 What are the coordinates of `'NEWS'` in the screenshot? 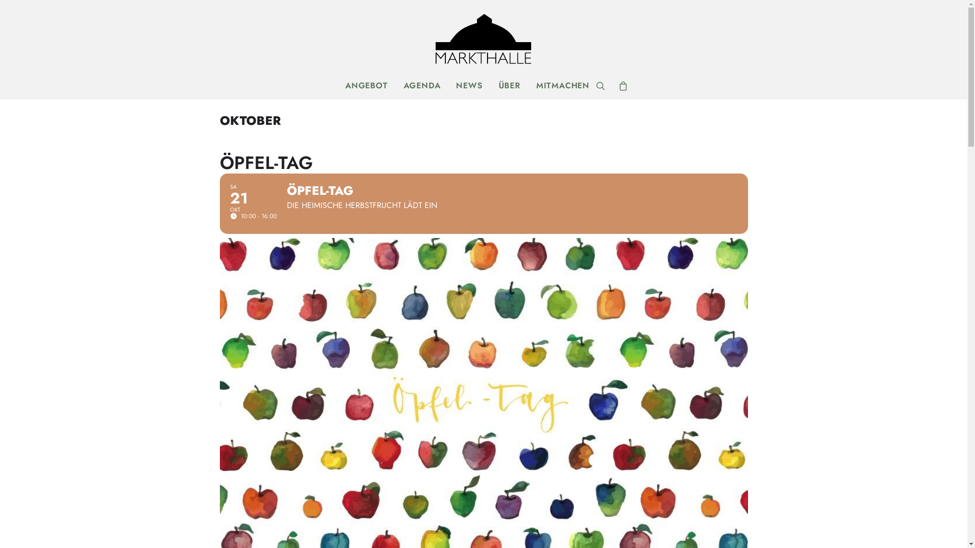 It's located at (469, 85).